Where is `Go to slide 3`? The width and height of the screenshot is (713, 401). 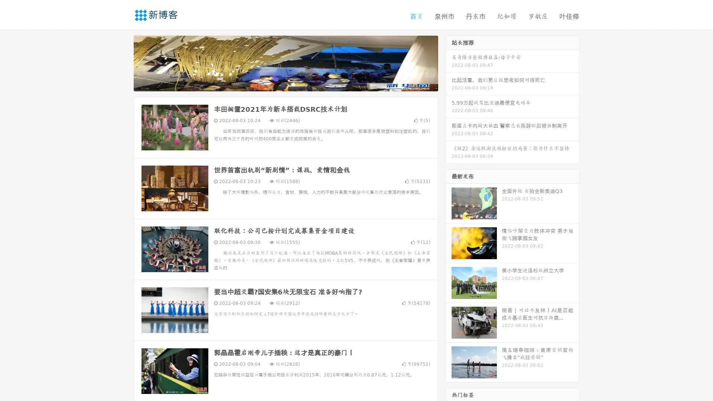 Go to slide 3 is located at coordinates (293, 84).